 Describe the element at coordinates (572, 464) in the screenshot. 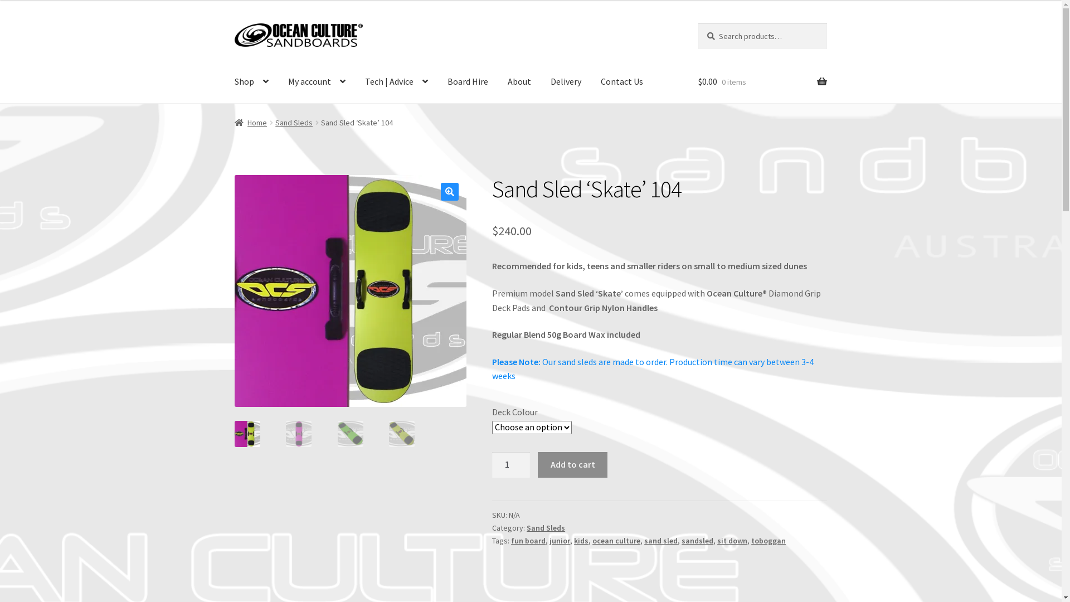

I see `'Add to cart'` at that location.